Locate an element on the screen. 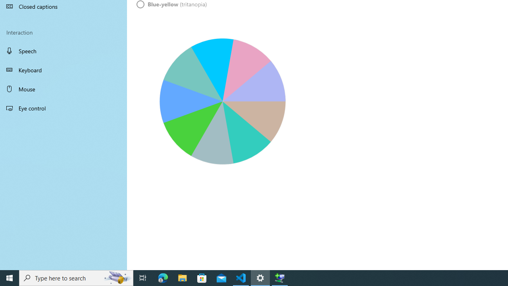  'Settings - 1 running window' is located at coordinates (260, 277).